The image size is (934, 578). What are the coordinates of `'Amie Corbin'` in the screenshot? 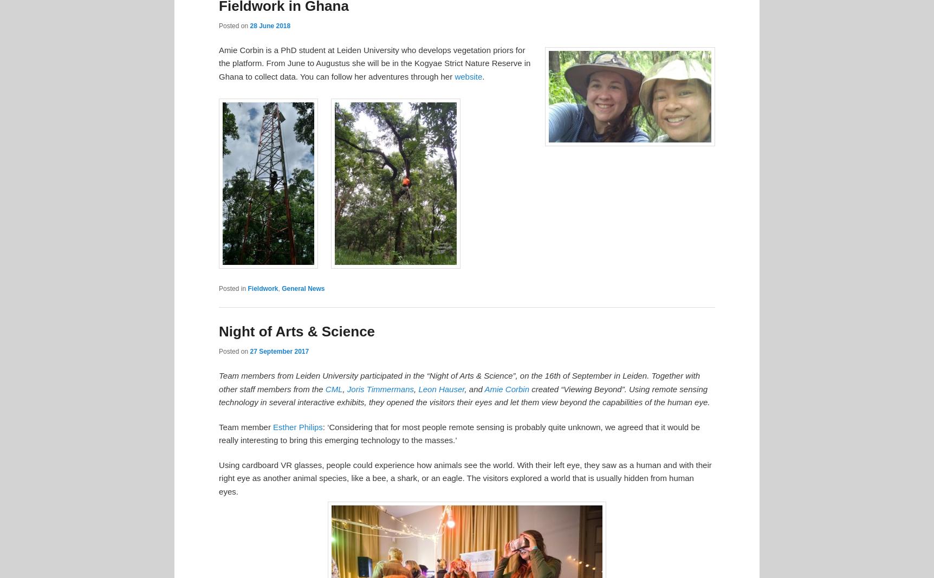 It's located at (506, 388).